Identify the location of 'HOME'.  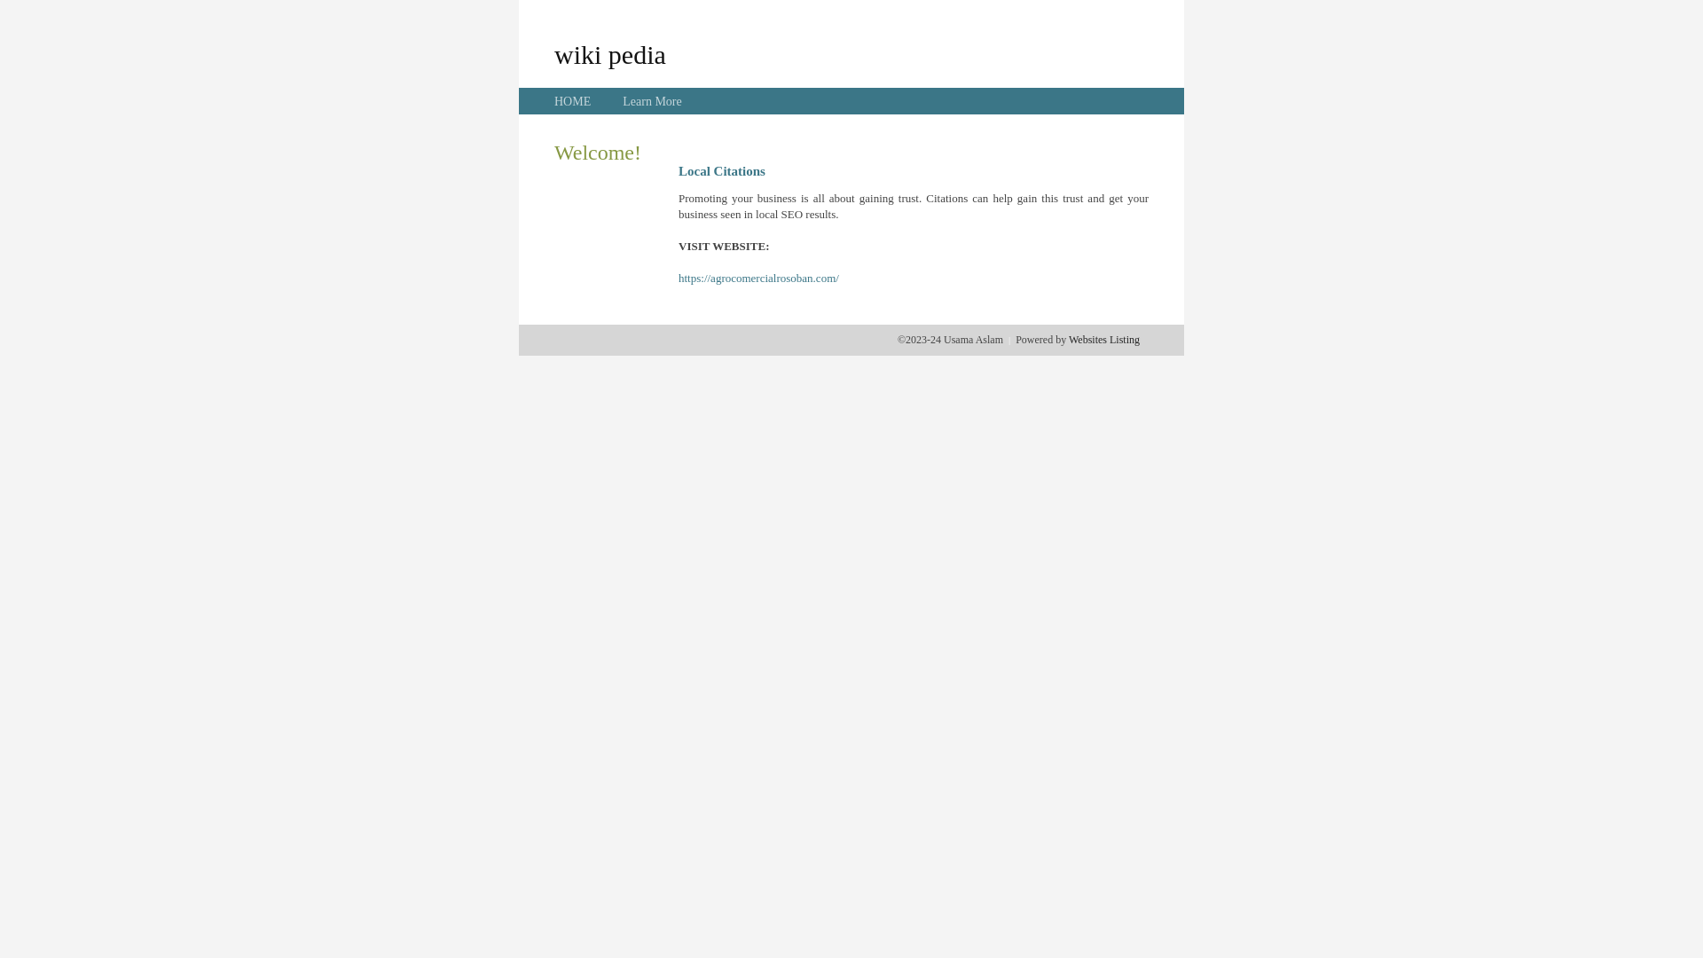
(553, 101).